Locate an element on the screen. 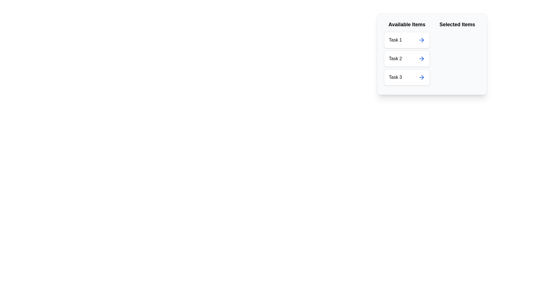 This screenshot has width=543, height=305. the 'Task 2' button in the 'Available Items' section is located at coordinates (407, 59).